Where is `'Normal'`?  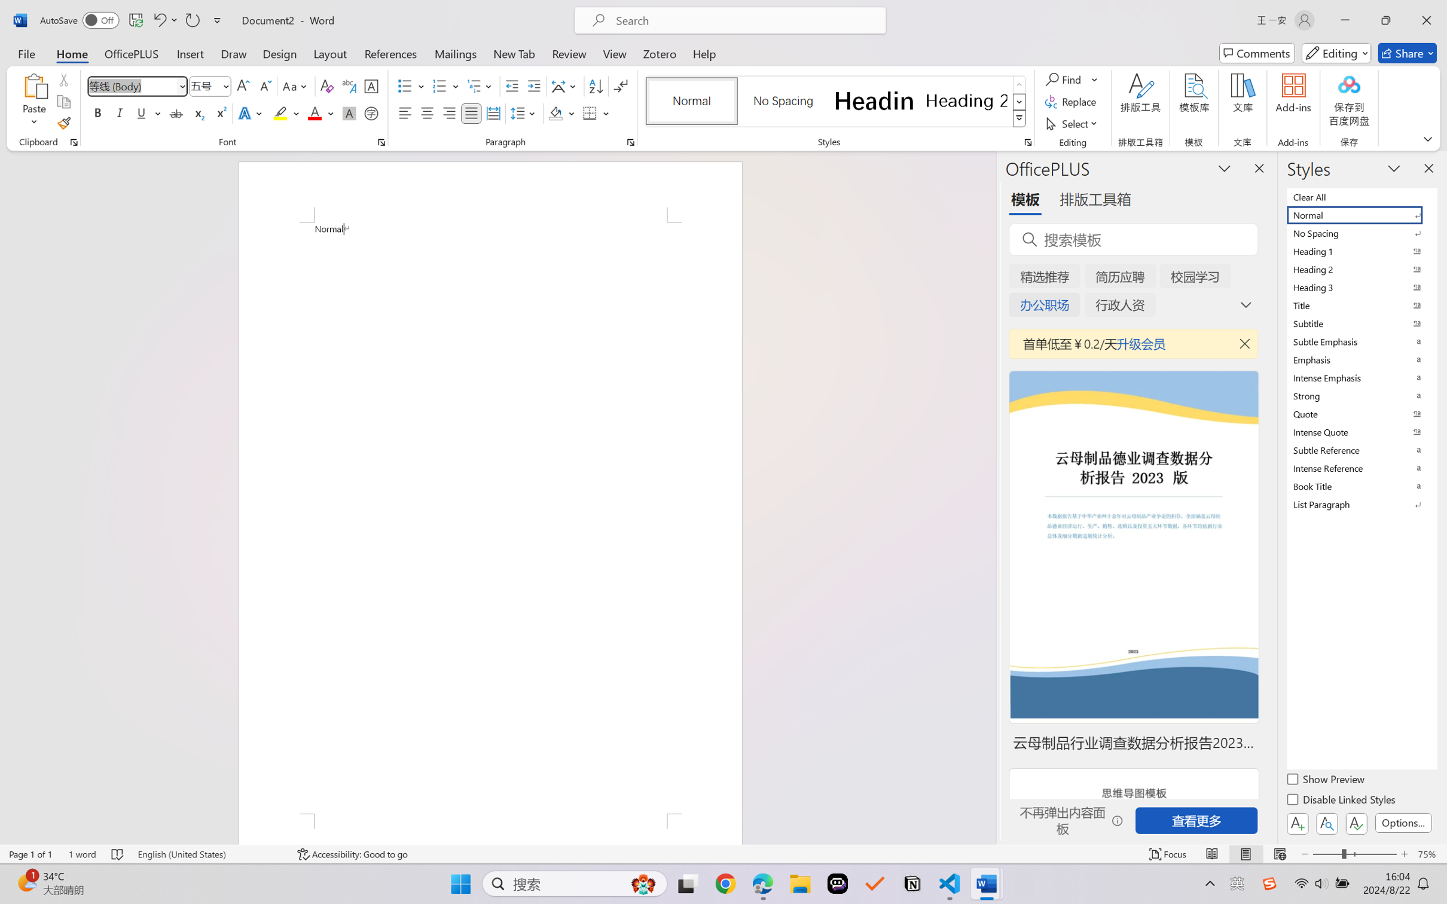
'Normal' is located at coordinates (1360, 214).